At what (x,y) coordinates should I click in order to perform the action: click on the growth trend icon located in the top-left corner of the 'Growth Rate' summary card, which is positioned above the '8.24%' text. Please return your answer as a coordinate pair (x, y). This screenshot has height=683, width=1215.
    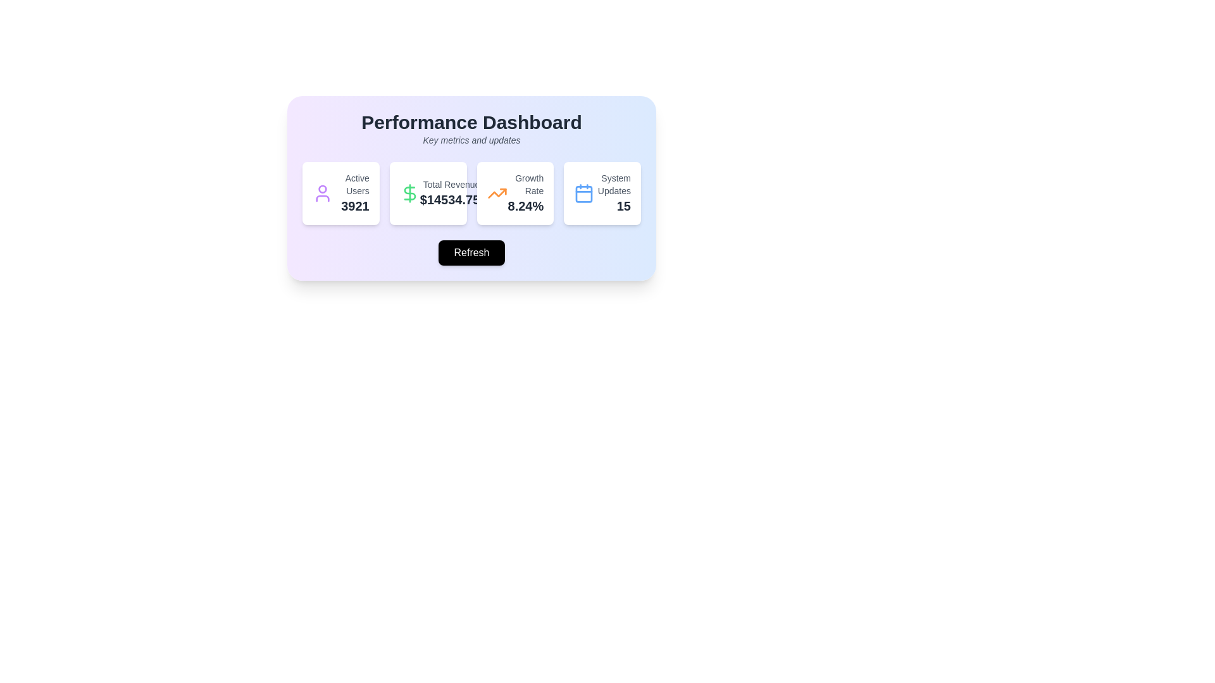
    Looking at the image, I should click on (496, 193).